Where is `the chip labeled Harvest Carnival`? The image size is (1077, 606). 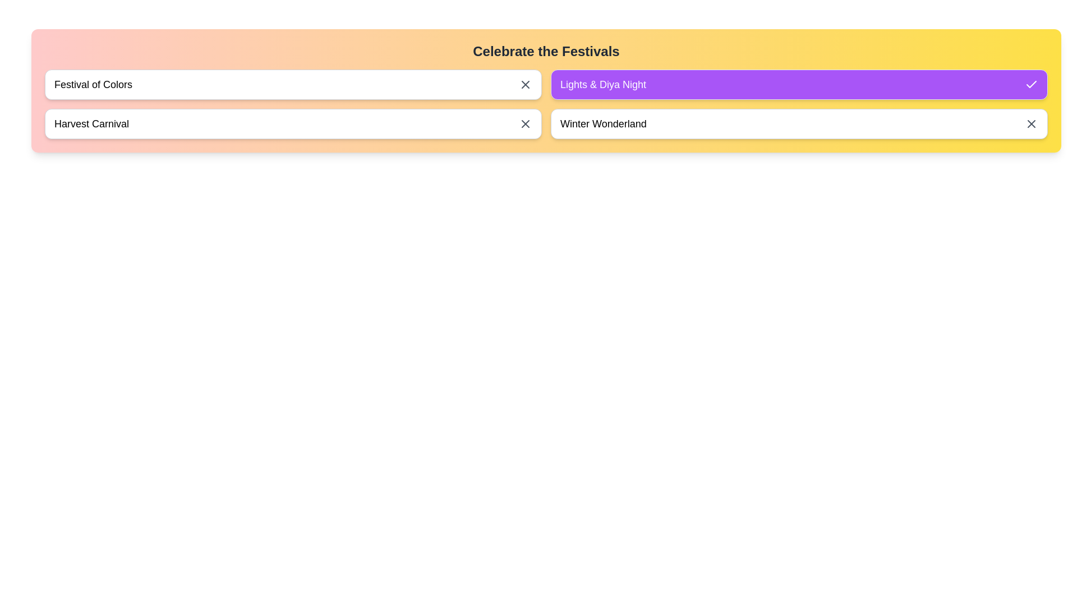
the chip labeled Harvest Carnival is located at coordinates (293, 123).